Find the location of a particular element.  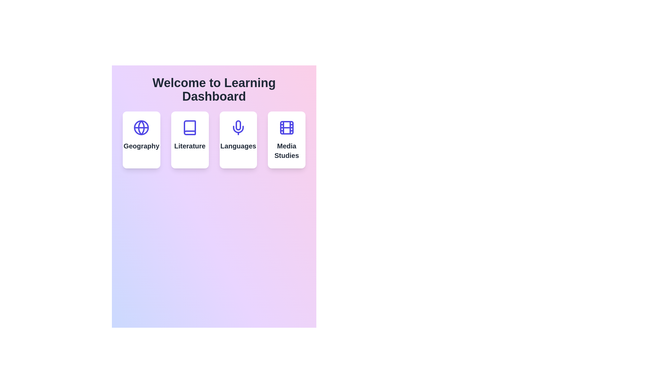

the small white decorative SVG rectangle with rounded corners, centered within the film strip icon on the 'Media Studies' card in the fourth column of the dashboard interface is located at coordinates (287, 128).